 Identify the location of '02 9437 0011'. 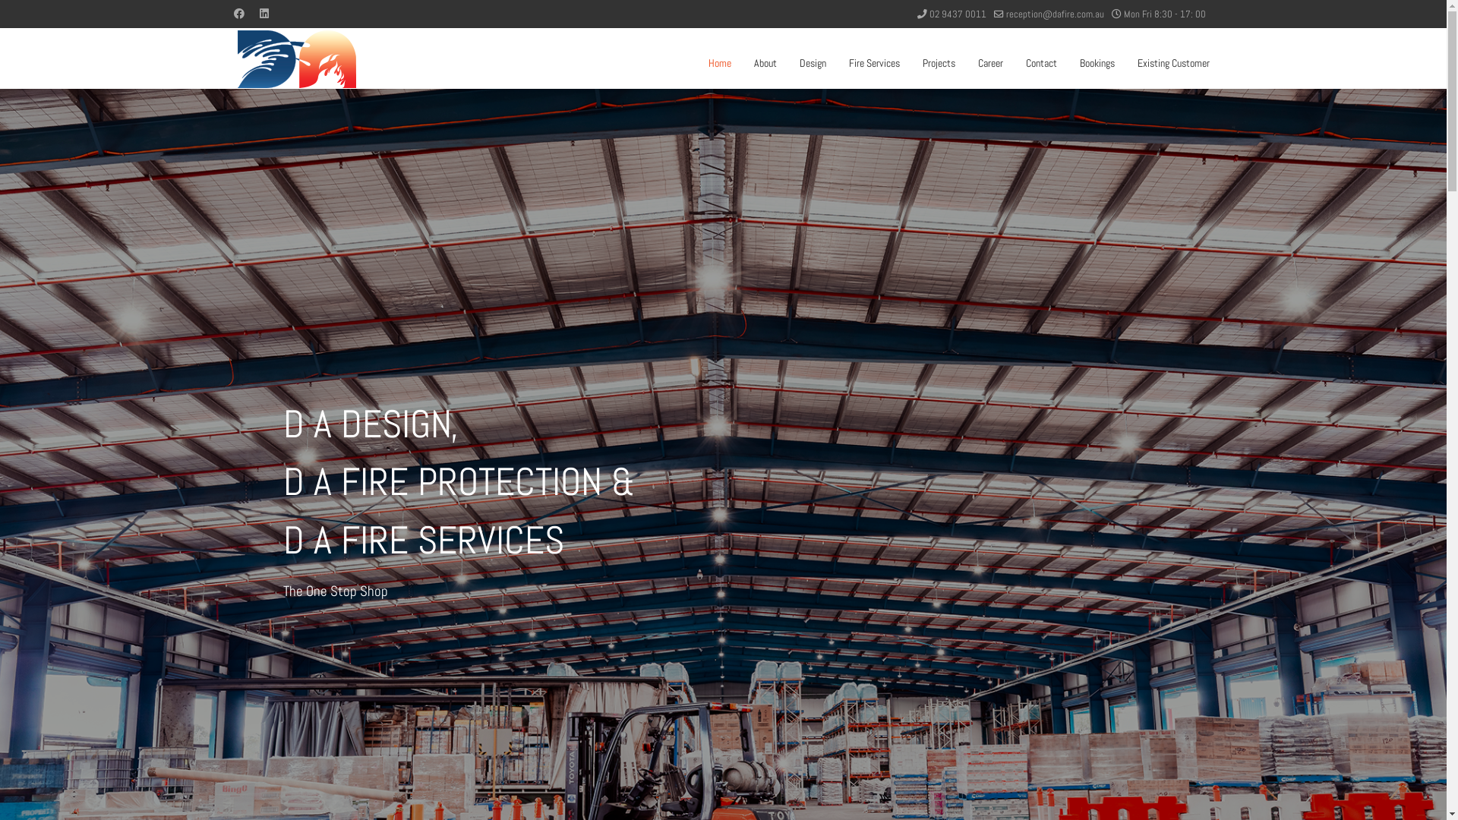
(957, 14).